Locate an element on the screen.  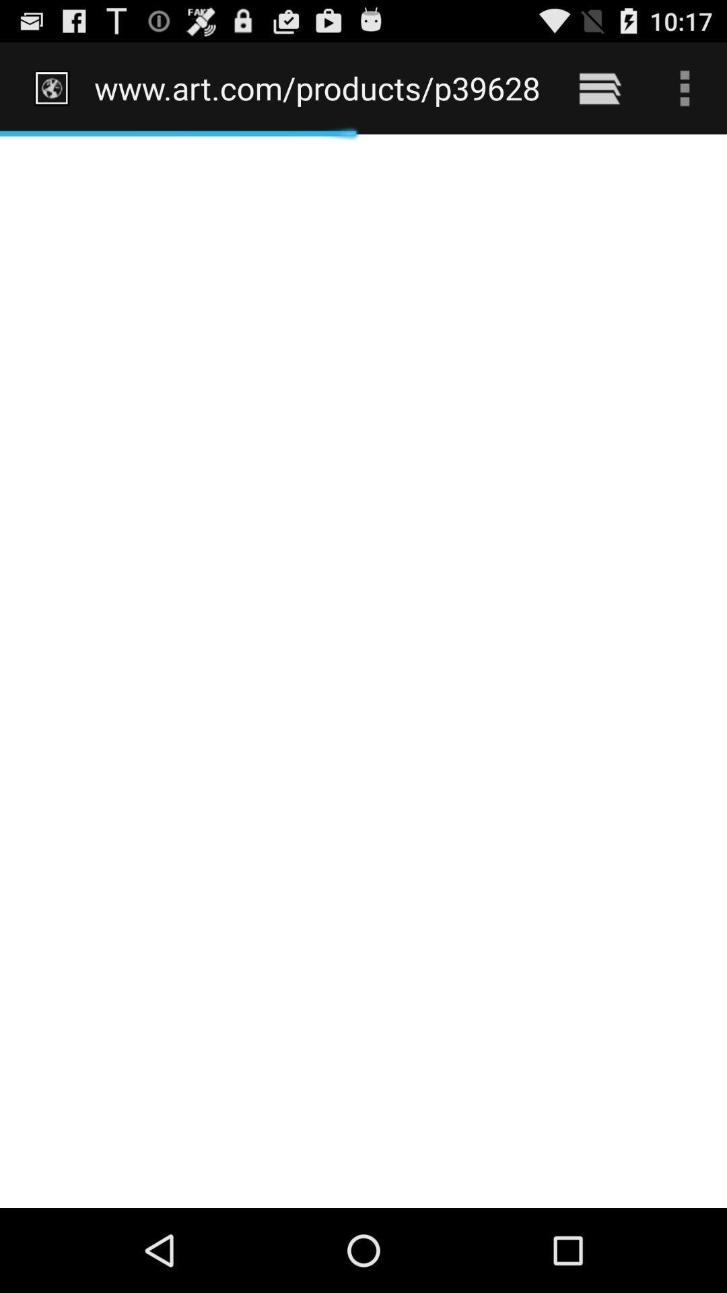
the icon at the center is located at coordinates (363, 671).